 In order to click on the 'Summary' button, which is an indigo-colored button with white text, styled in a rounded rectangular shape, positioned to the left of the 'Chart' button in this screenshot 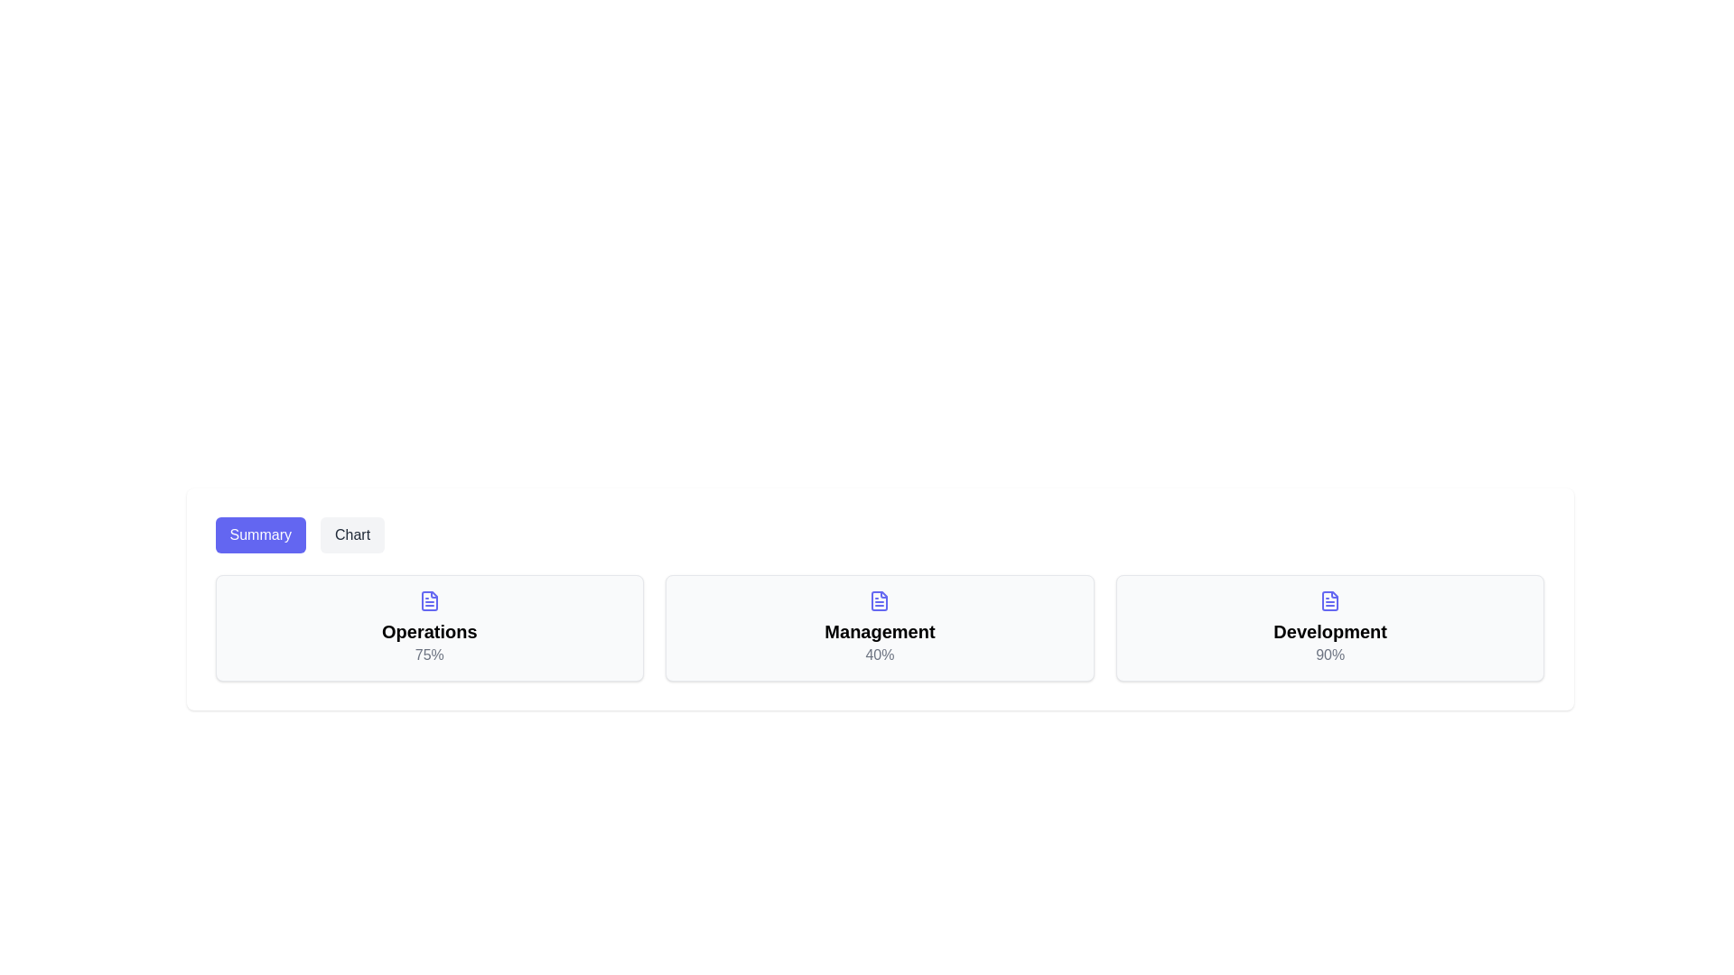, I will do `click(259, 534)`.